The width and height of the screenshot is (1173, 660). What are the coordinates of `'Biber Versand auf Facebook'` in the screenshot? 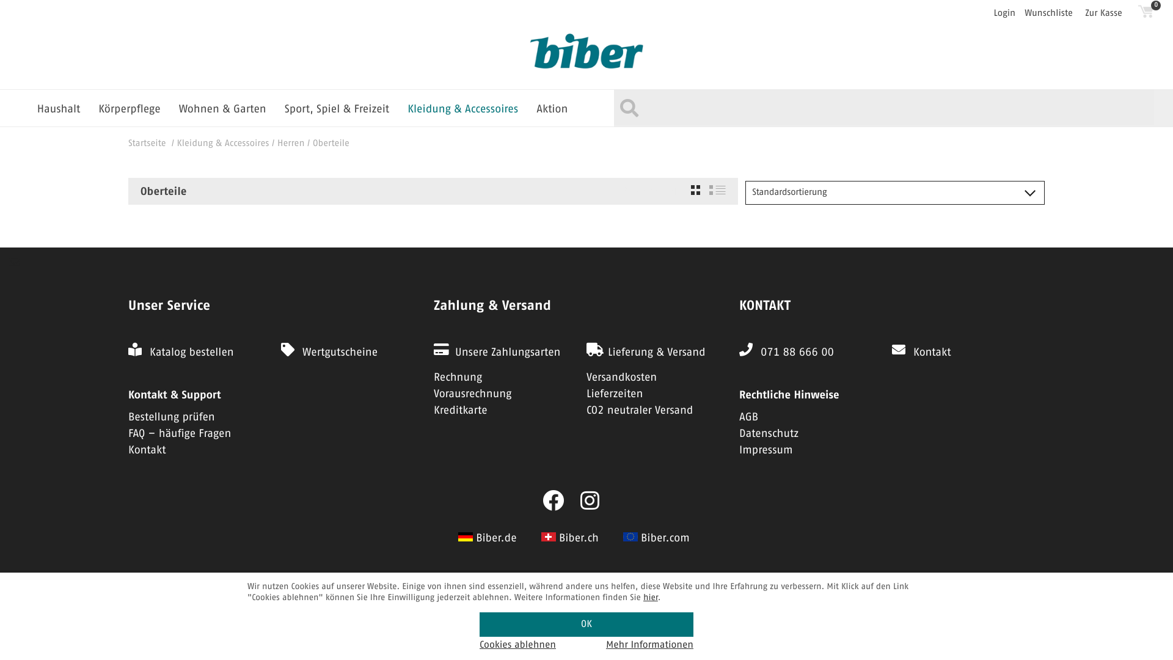 It's located at (552, 502).